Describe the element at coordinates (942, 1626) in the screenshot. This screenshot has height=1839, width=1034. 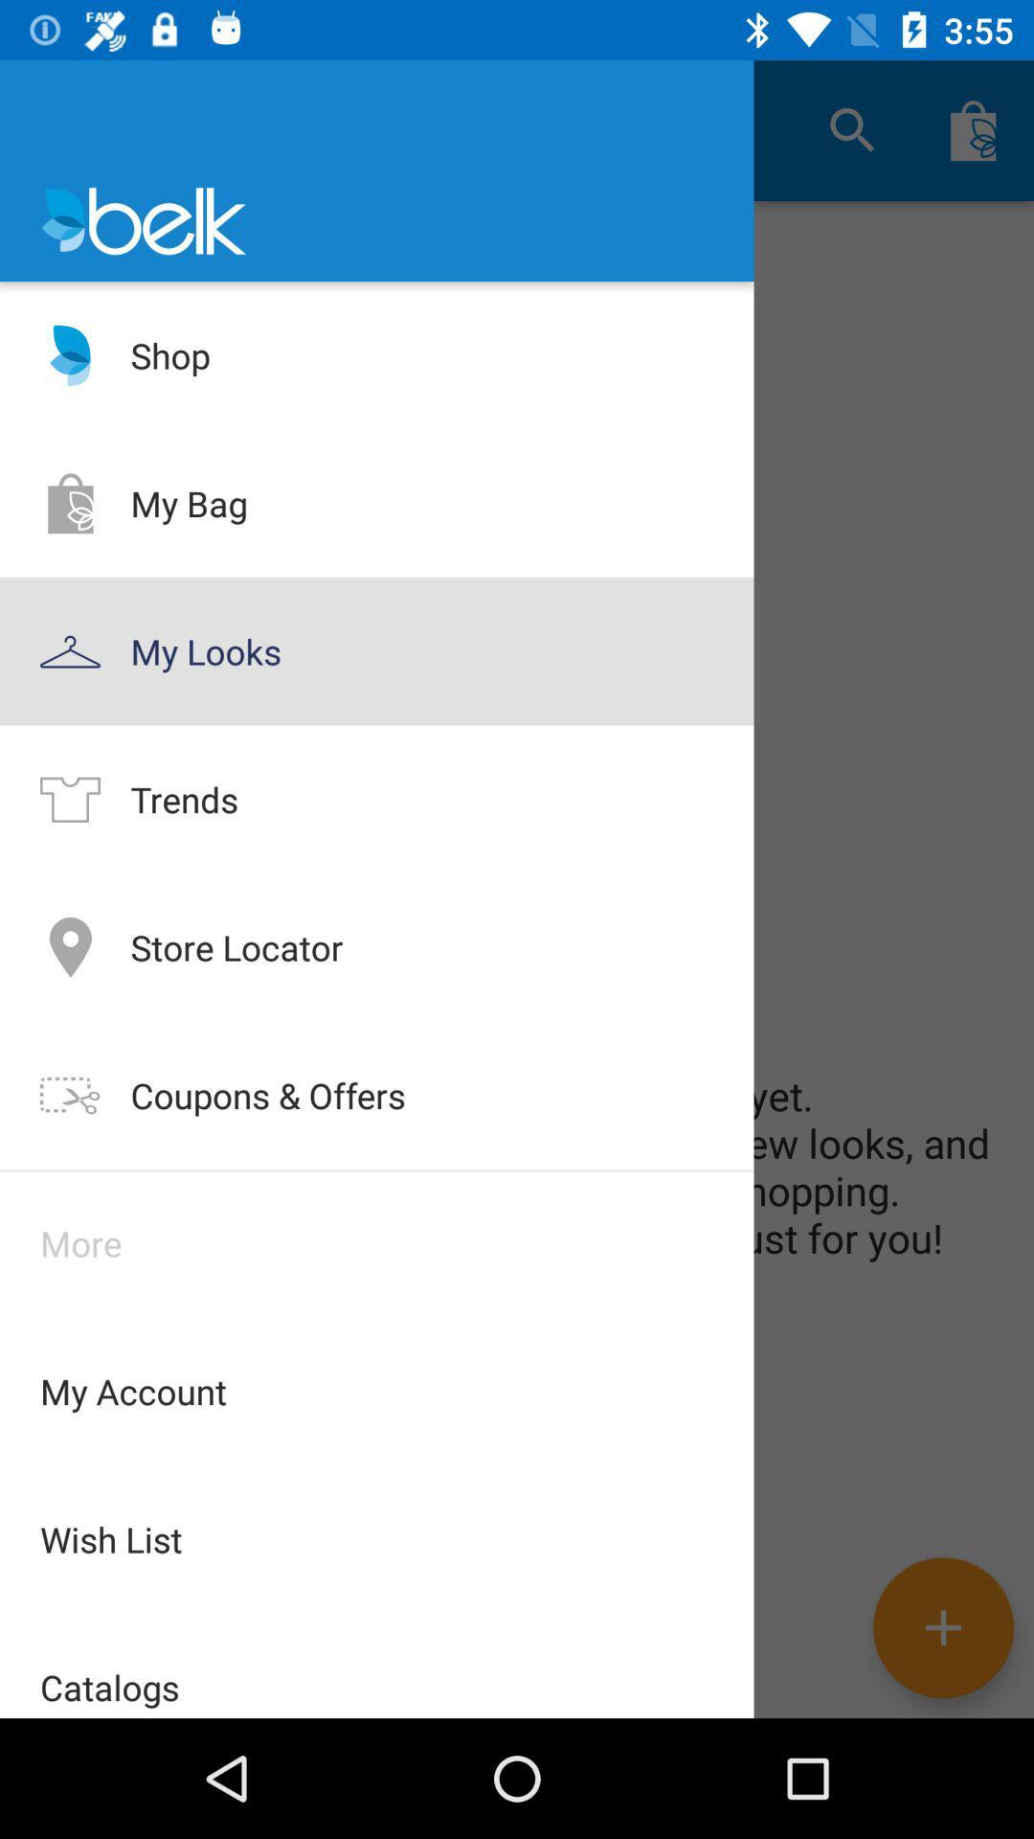
I see `the add icon` at that location.